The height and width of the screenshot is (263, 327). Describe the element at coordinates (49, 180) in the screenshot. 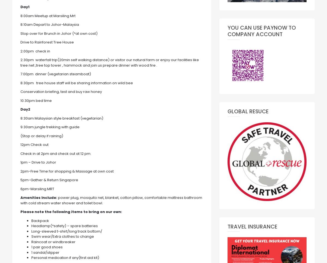

I see `'5pm-Gather & Return Singapore'` at that location.